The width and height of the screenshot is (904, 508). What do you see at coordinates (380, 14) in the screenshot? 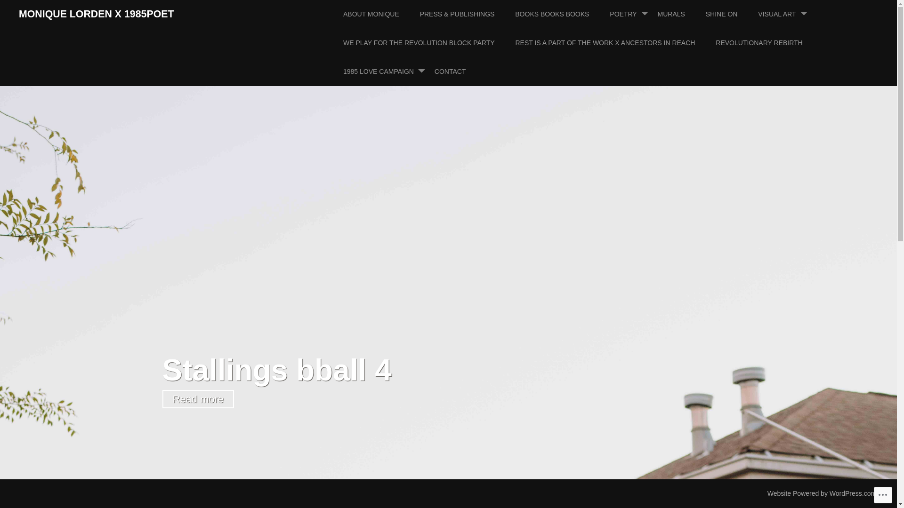
I see `'ABOUT MONIQUE'` at bounding box center [380, 14].